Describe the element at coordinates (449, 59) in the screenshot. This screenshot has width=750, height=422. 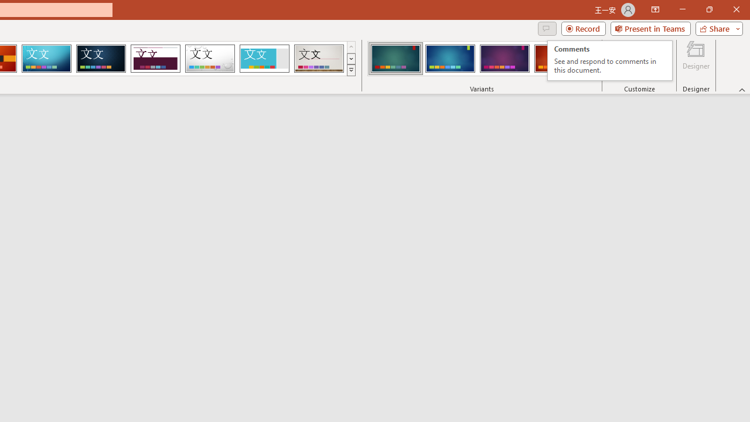
I see `'Ion Variant 2'` at that location.